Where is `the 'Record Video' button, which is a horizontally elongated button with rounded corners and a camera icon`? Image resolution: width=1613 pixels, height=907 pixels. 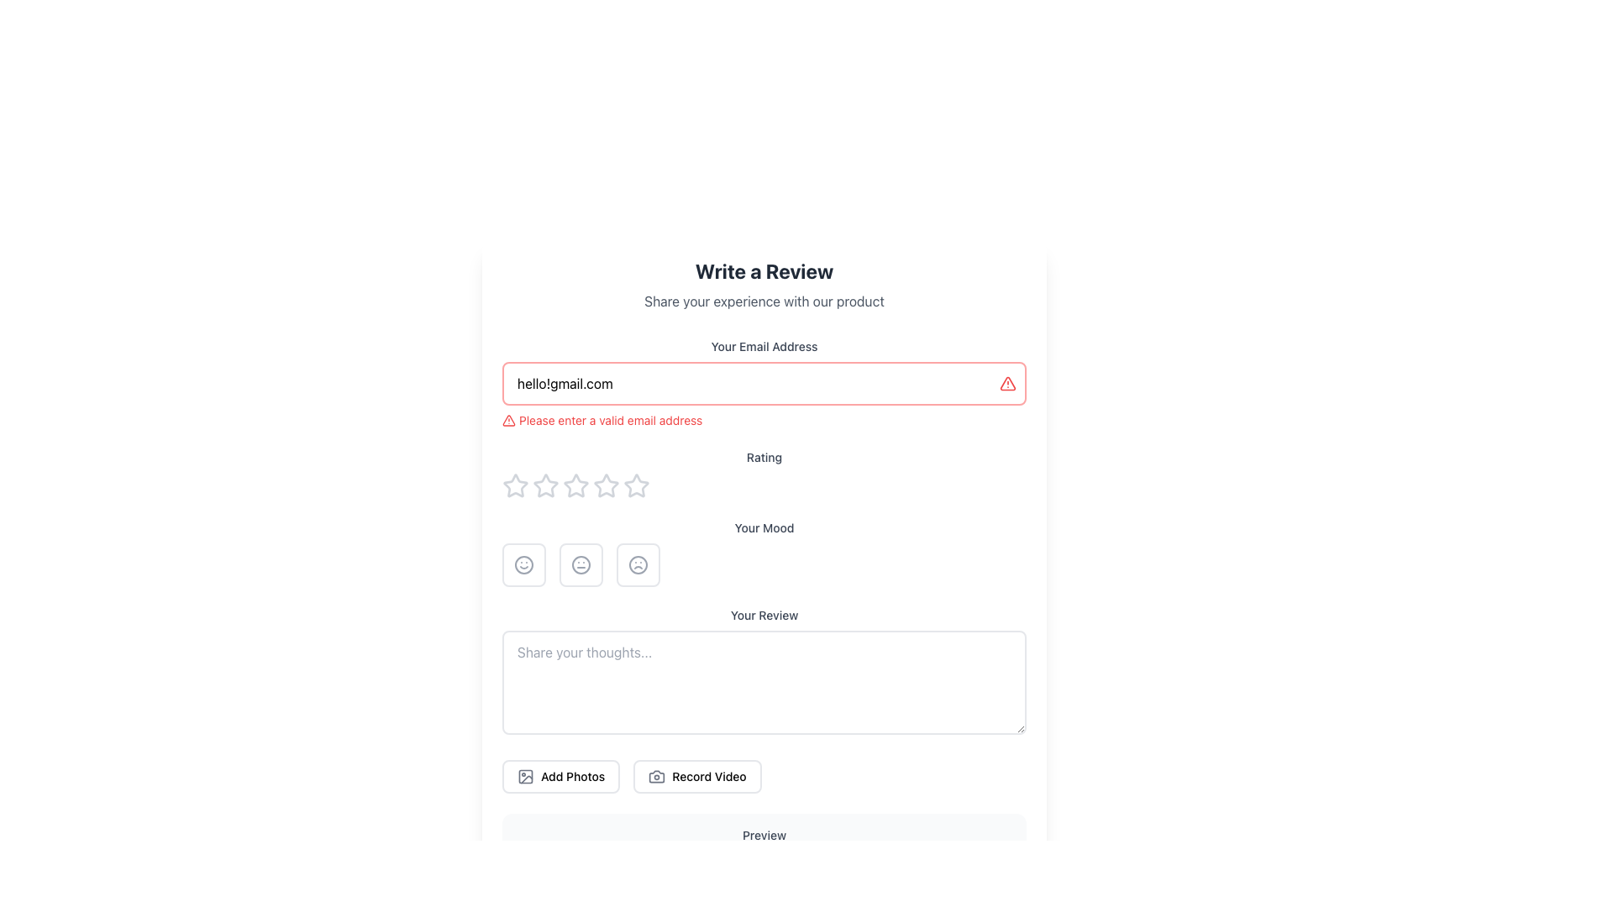 the 'Record Video' button, which is a horizontally elongated button with rounded corners and a camera icon is located at coordinates (697, 777).